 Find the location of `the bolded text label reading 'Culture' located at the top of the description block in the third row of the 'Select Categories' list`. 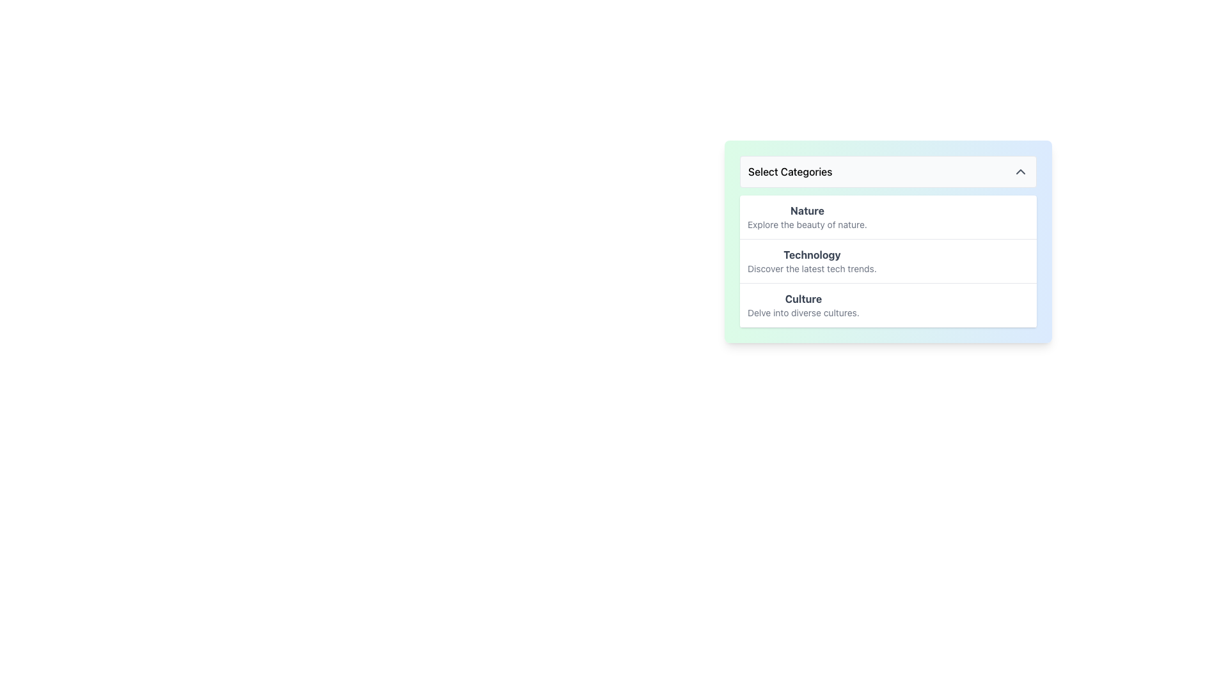

the bolded text label reading 'Culture' located at the top of the description block in the third row of the 'Select Categories' list is located at coordinates (803, 298).